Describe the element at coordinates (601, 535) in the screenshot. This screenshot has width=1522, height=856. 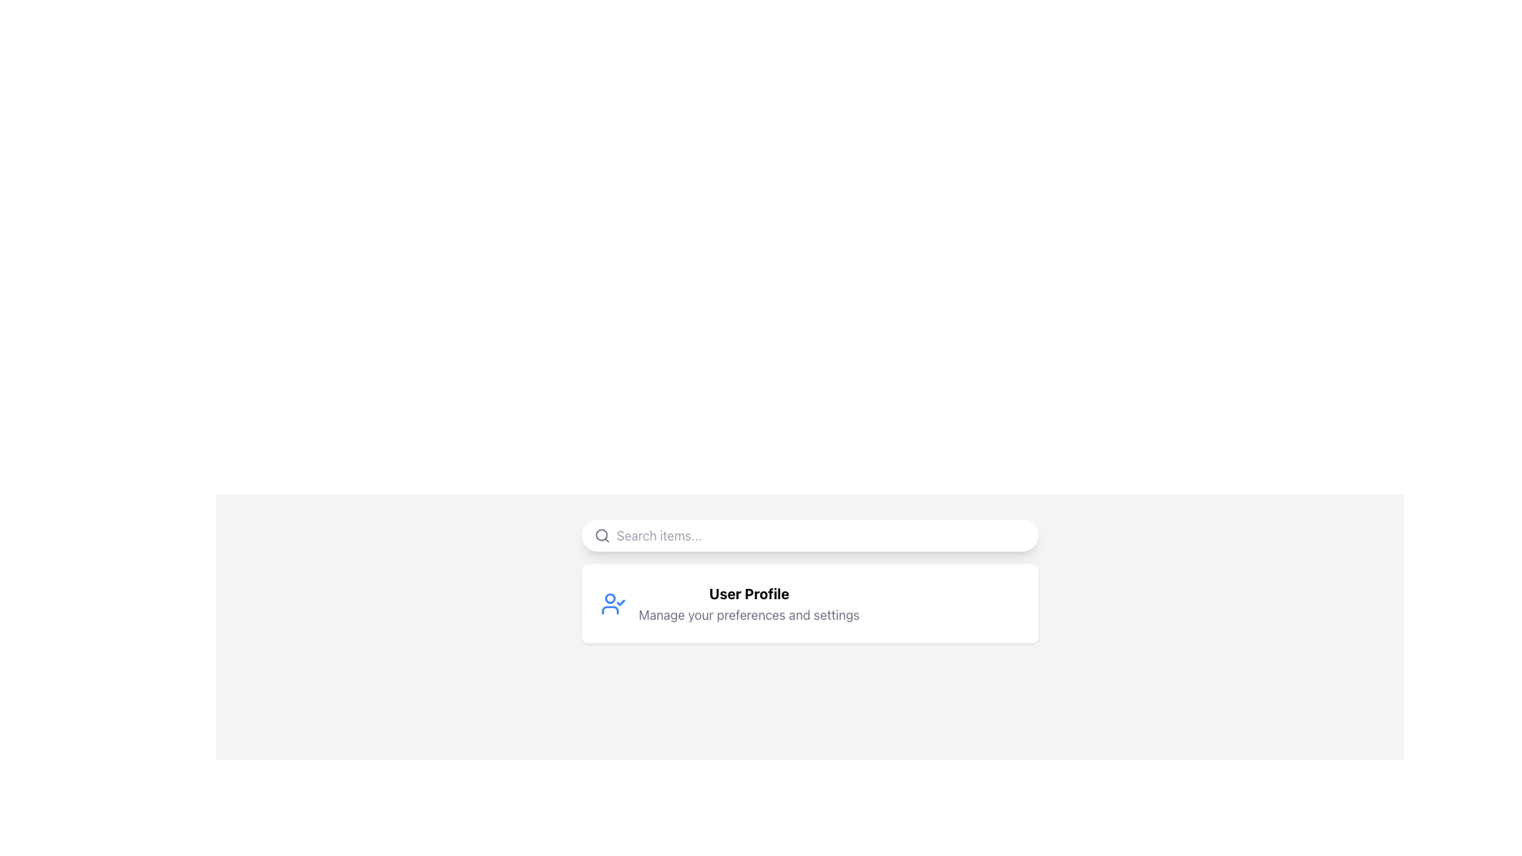
I see `the search icon located at the start of the horizontal search bar to initiate a search` at that location.